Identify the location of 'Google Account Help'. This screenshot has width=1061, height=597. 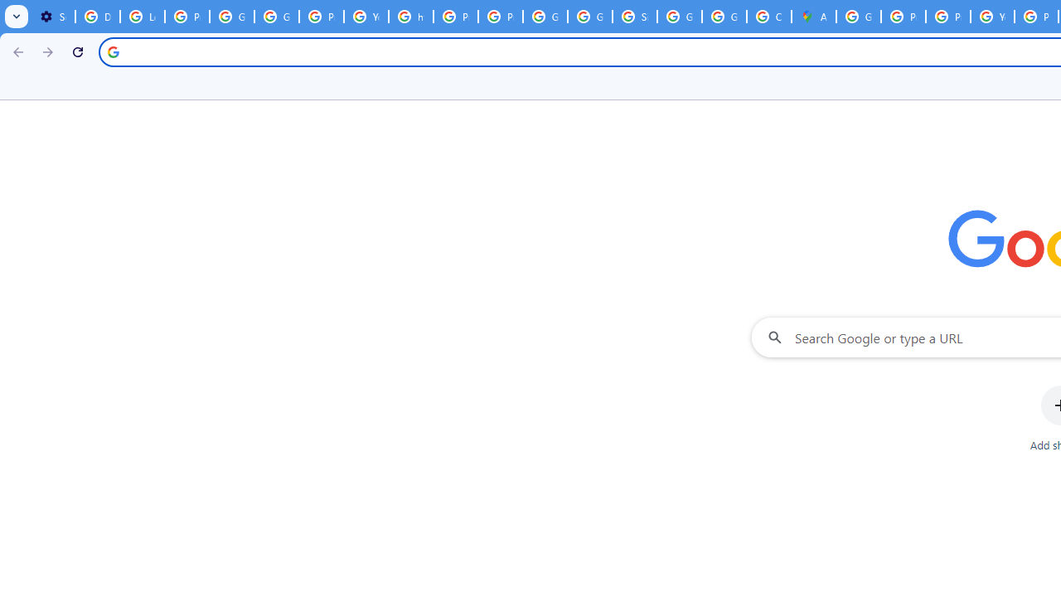
(231, 17).